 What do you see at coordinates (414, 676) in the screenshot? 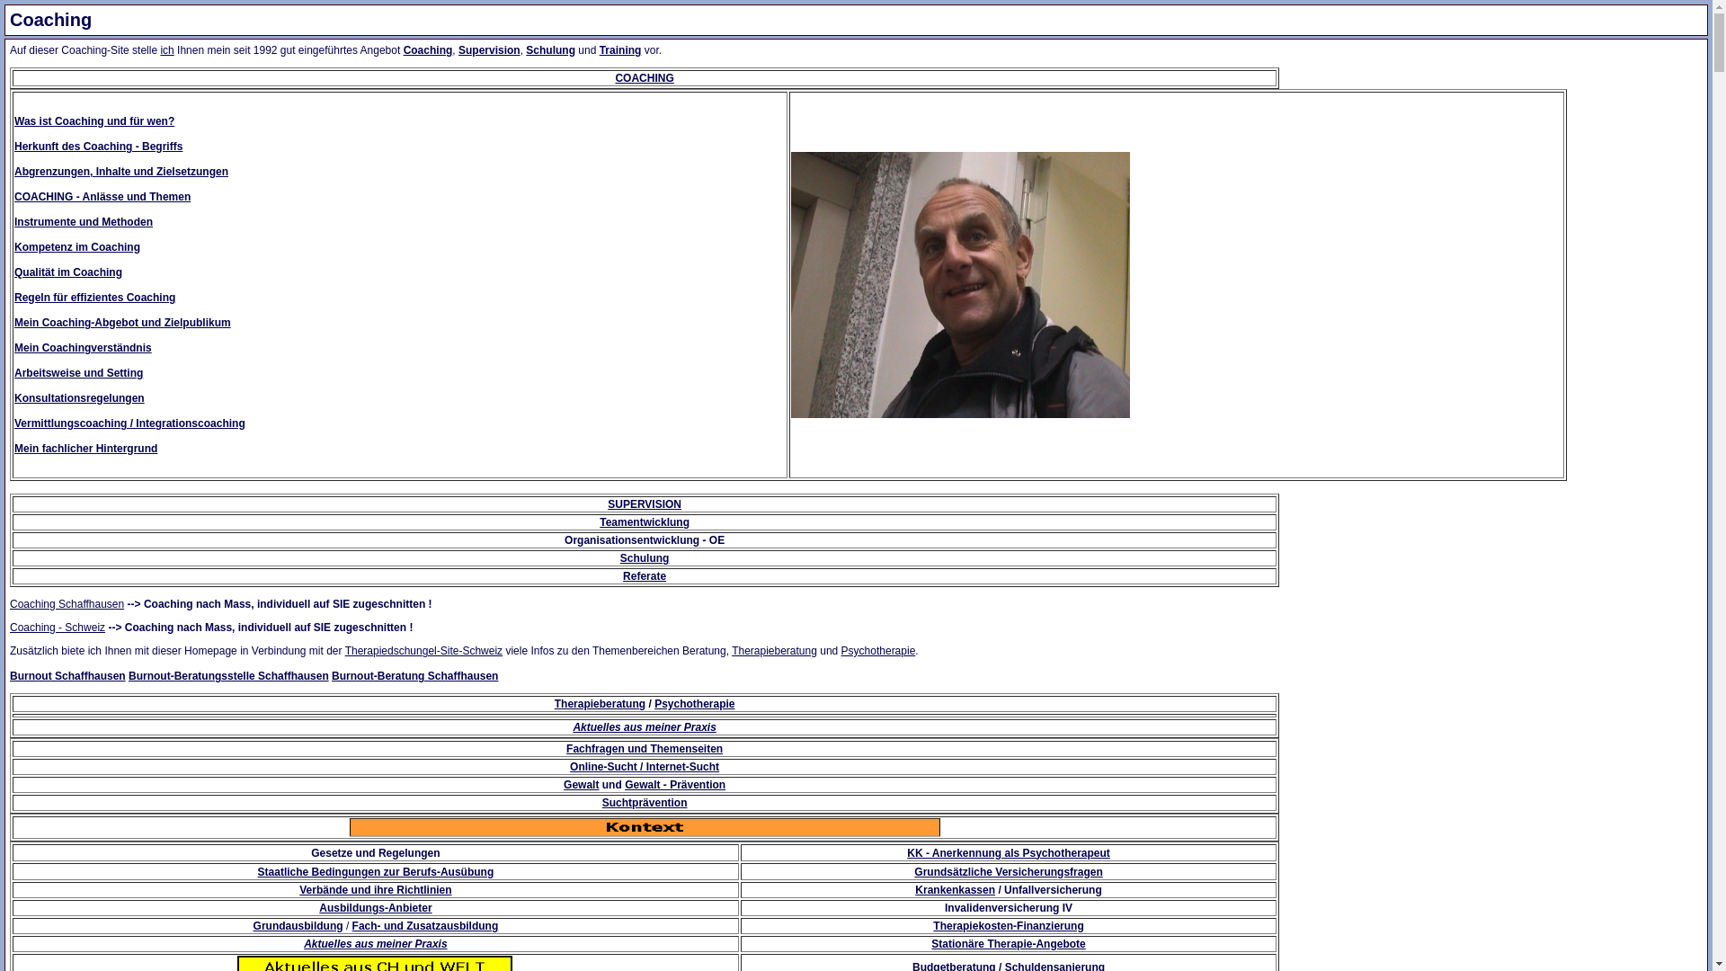
I see `'Burnout-Beratung Schaffhausen'` at bounding box center [414, 676].